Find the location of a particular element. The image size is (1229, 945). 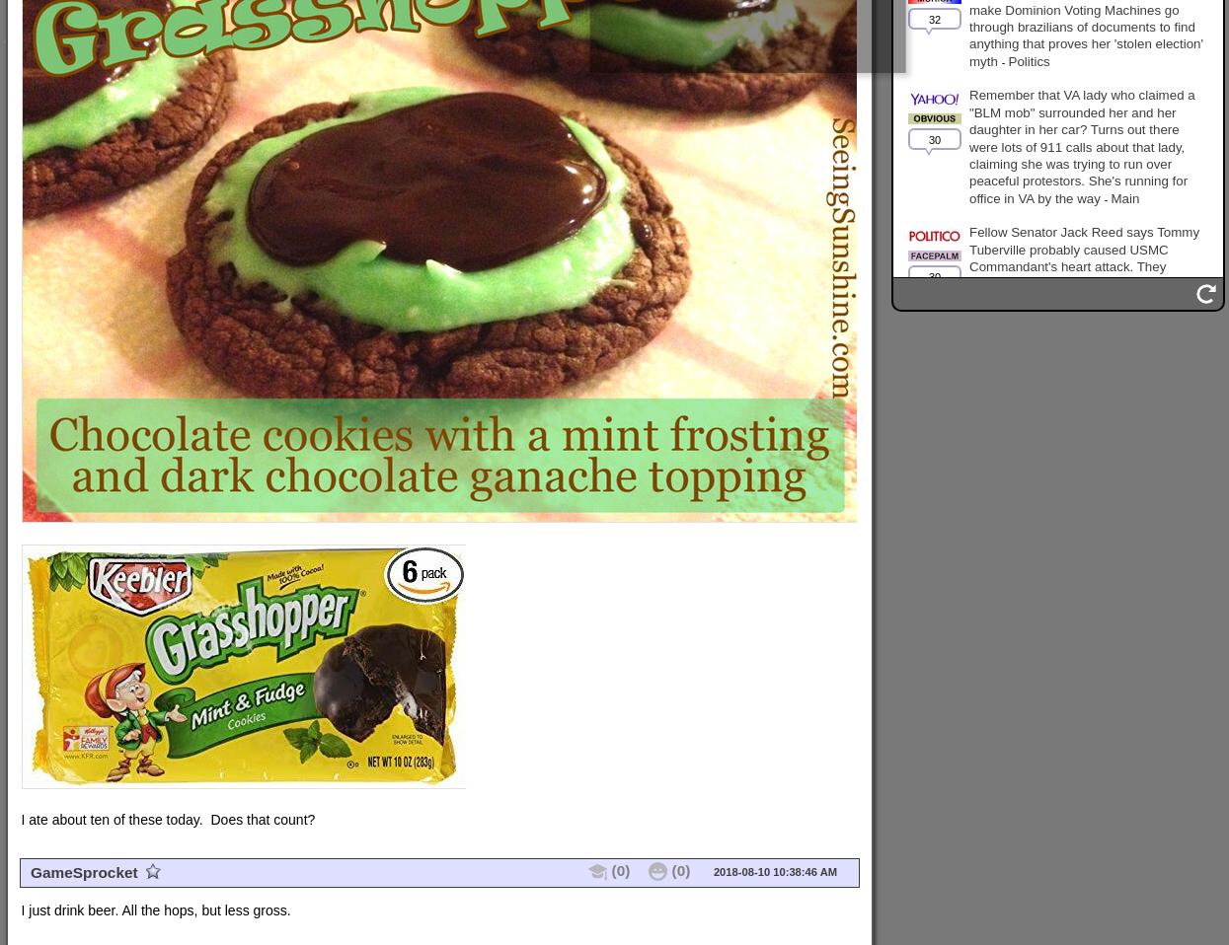

'24' is located at coordinates (934, 463).